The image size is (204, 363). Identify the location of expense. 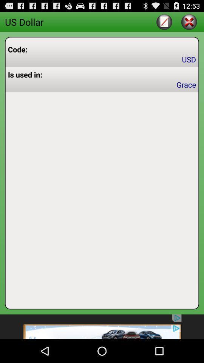
(164, 21).